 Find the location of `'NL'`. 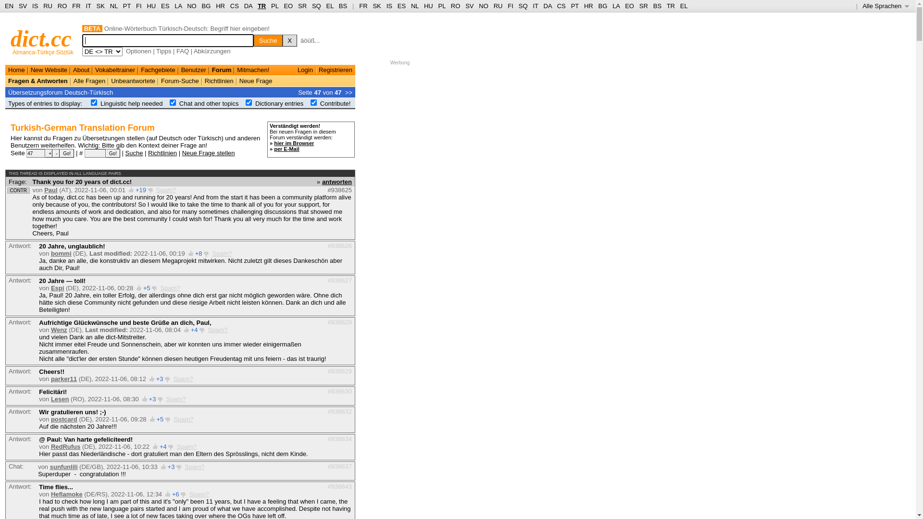

'NL' is located at coordinates (110, 6).